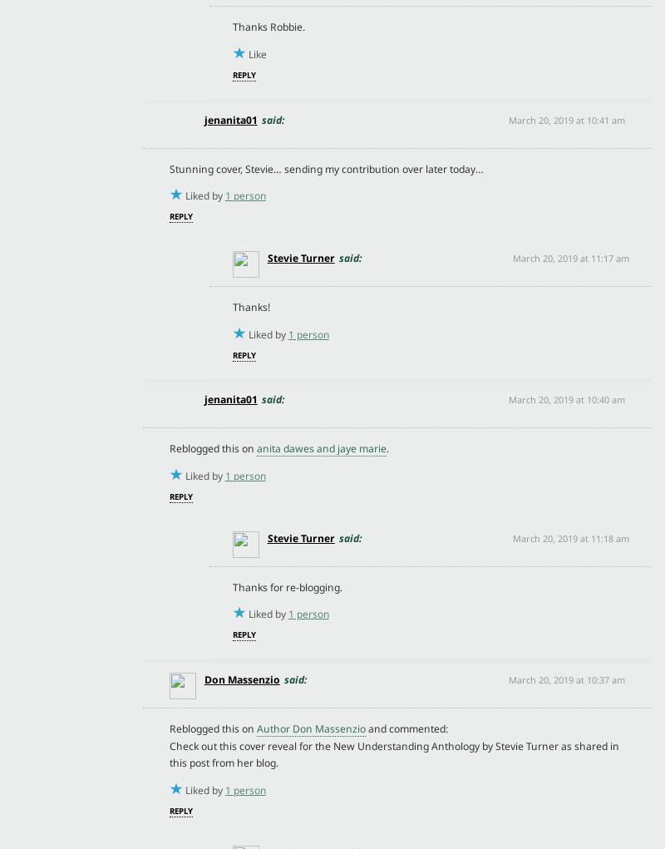 This screenshot has width=665, height=849. What do you see at coordinates (567, 398) in the screenshot?
I see `'March 20, 2019 at 10:40 am'` at bounding box center [567, 398].